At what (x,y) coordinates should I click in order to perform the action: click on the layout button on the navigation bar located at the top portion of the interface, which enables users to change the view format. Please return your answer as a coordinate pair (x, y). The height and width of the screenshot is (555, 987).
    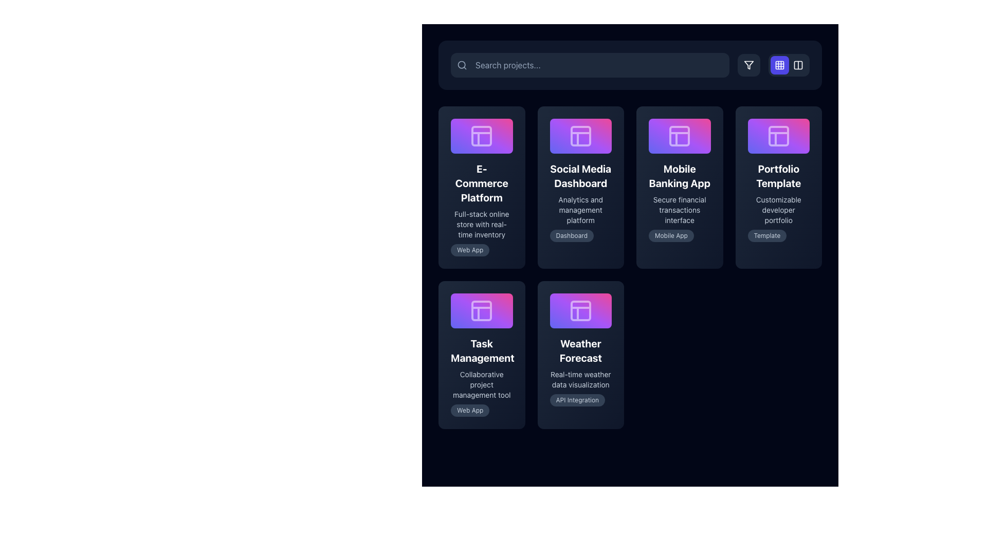
    Looking at the image, I should click on (629, 65).